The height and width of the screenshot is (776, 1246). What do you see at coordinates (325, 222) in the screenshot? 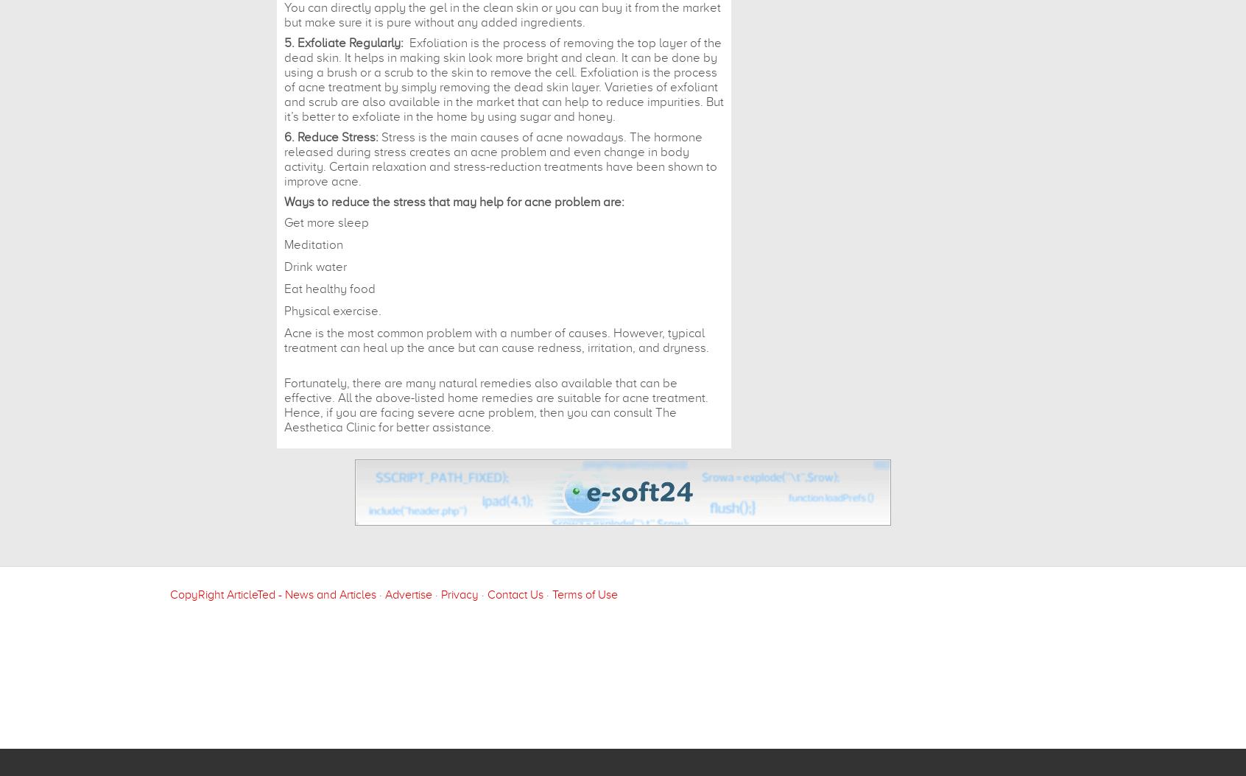
I see `'Get more sleep'` at bounding box center [325, 222].